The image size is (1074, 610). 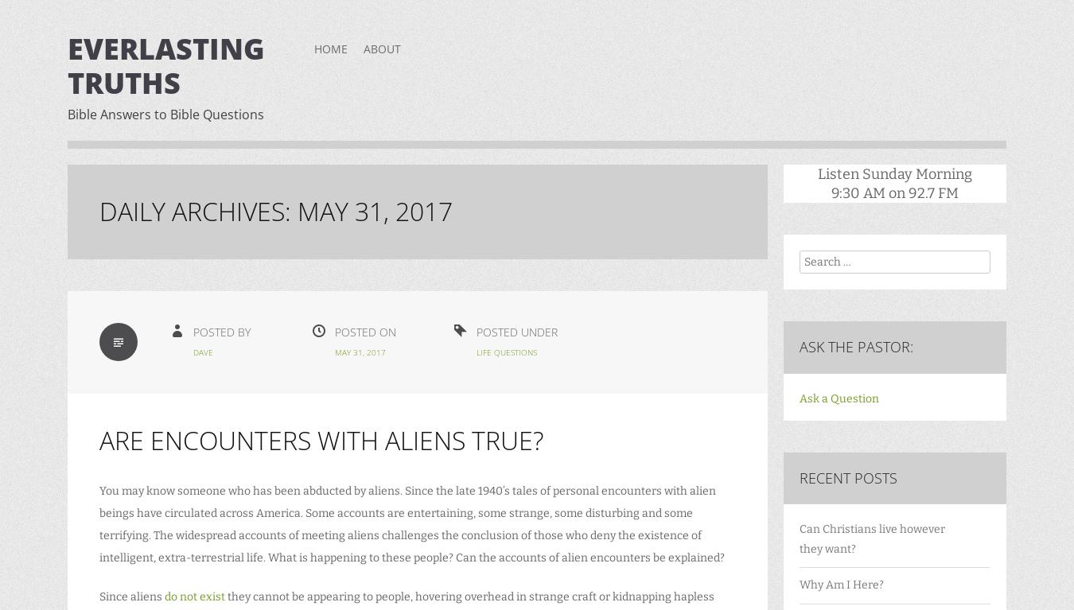 I want to click on 'Recent Posts', so click(x=848, y=478).